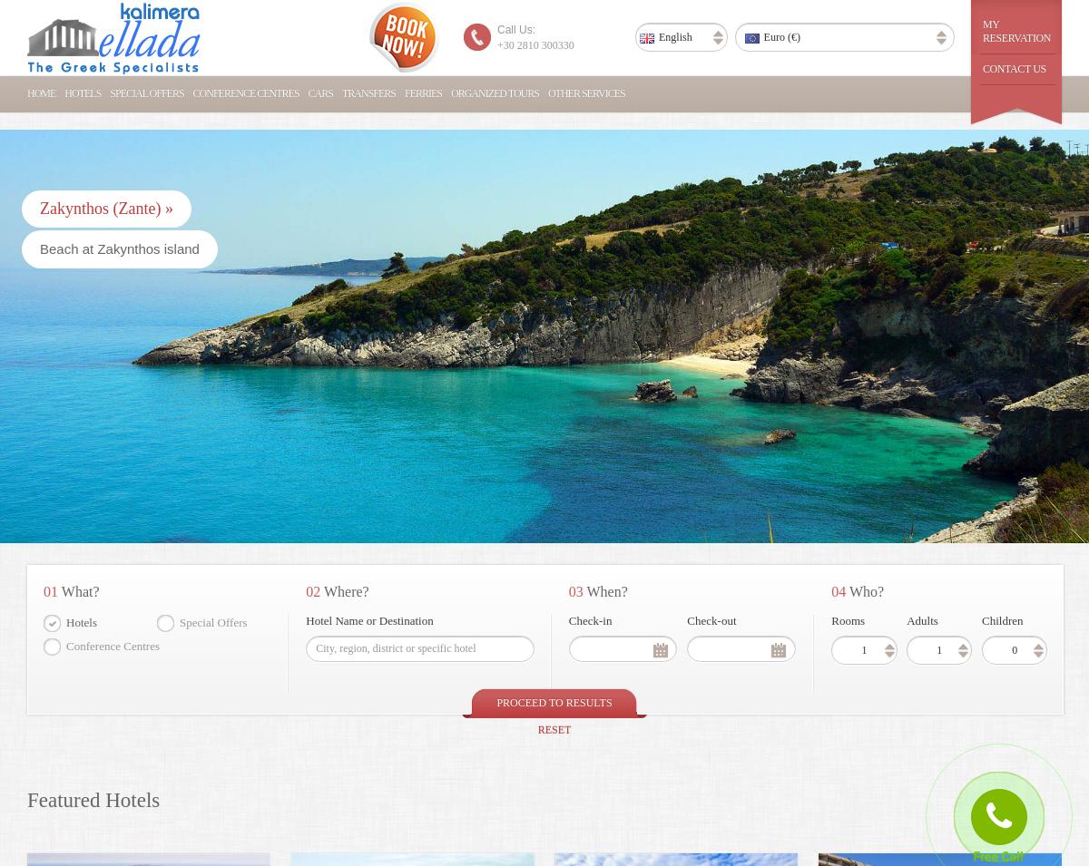 The height and width of the screenshot is (866, 1089). Describe the element at coordinates (494, 92) in the screenshot. I see `'Organized Tours'` at that location.